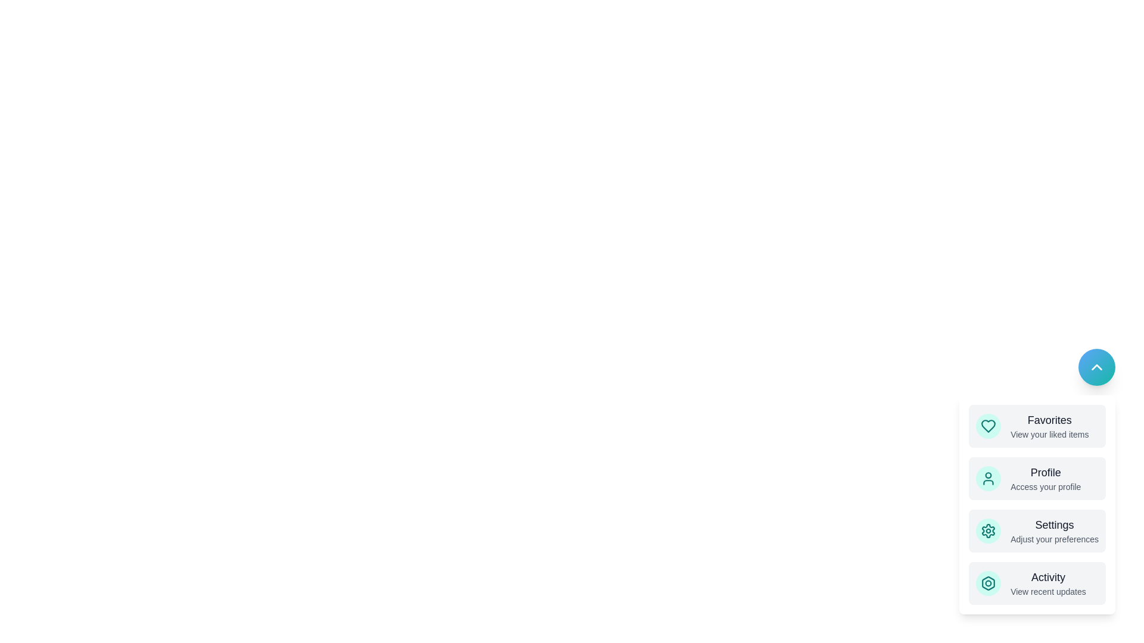 This screenshot has width=1144, height=643. I want to click on the menu option labeled Settings, so click(1037, 530).